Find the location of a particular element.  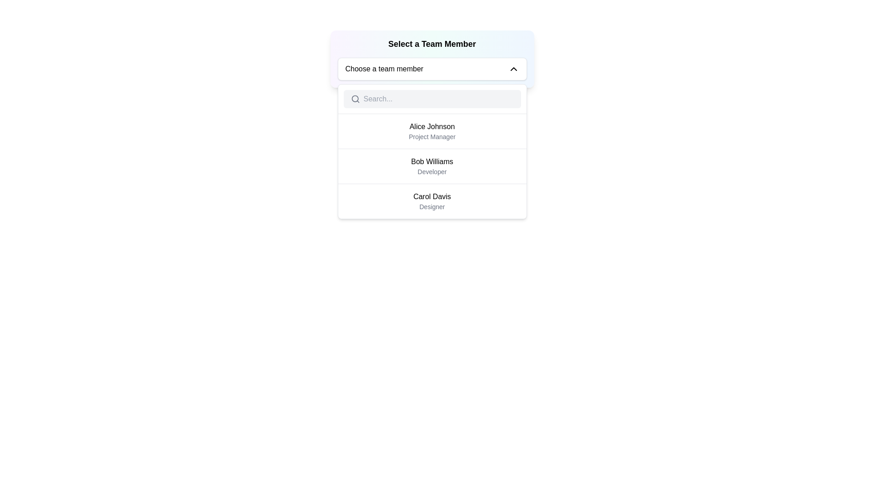

the circular shape representing the lens of the magnifying glass within the search icon, located in the placeholder area of the search input field titled 'Select a Team Member' is located at coordinates (354, 99).